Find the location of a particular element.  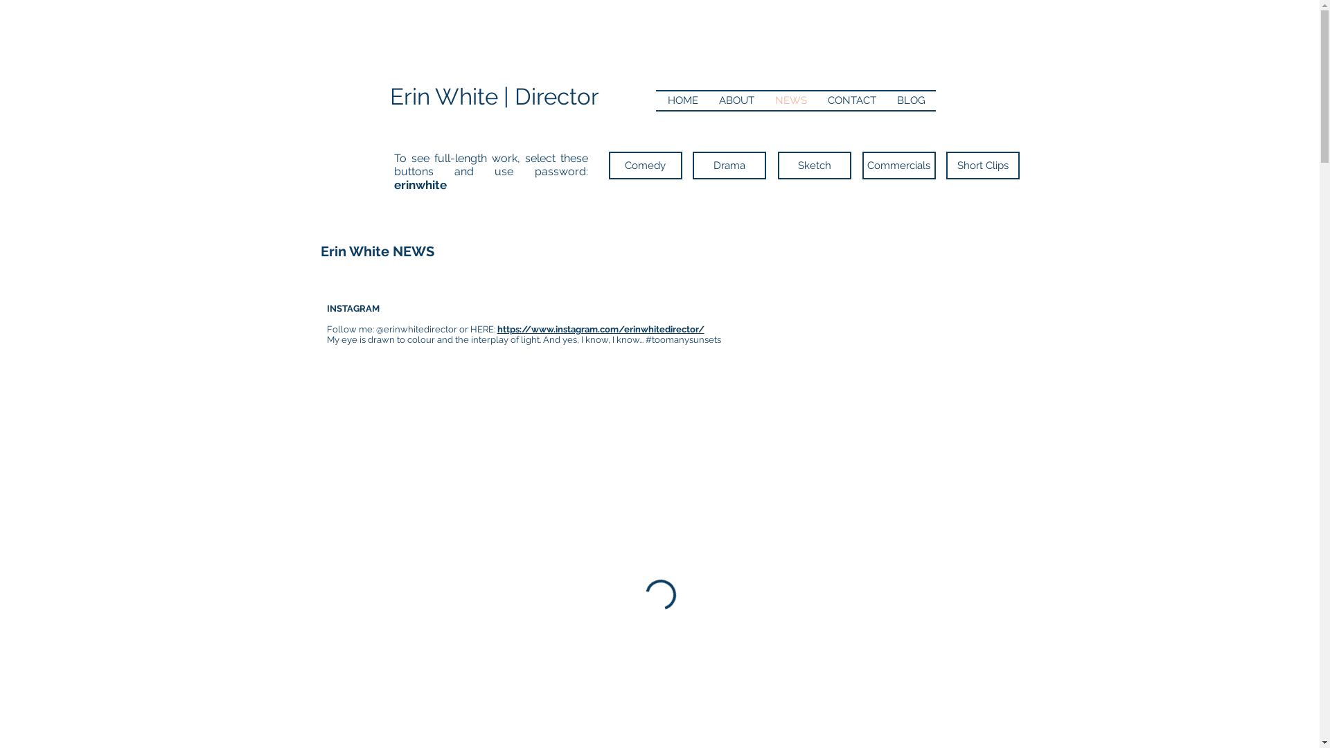

'NEWS' is located at coordinates (791, 100).